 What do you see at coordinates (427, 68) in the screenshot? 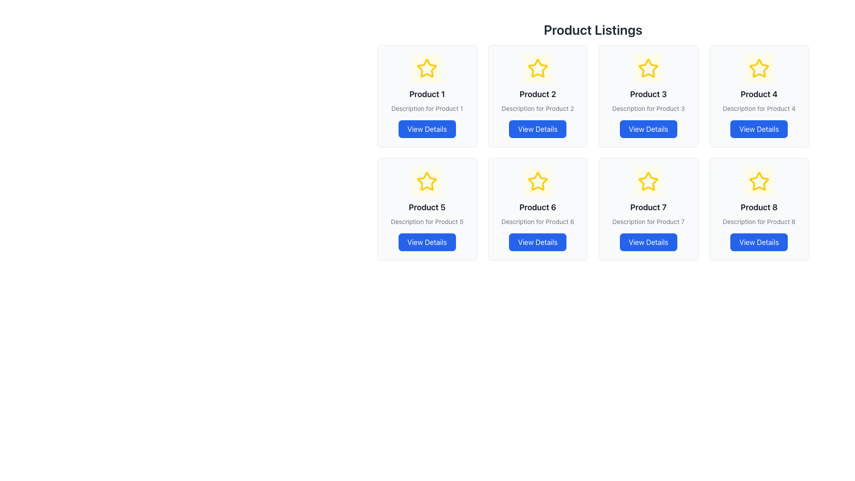
I see `the yellow star icon with a hollow center located in the top-left module above the 'Product 1' text` at bounding box center [427, 68].